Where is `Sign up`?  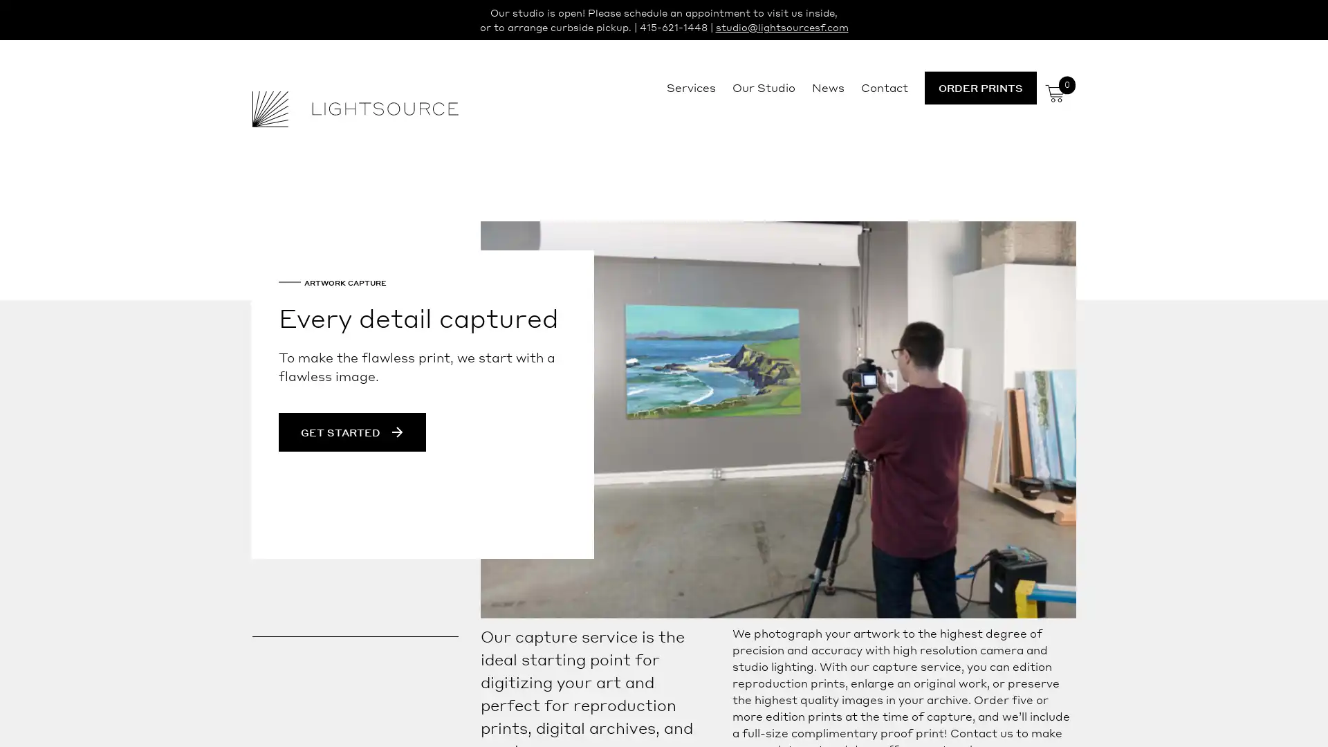
Sign up is located at coordinates (793, 481).